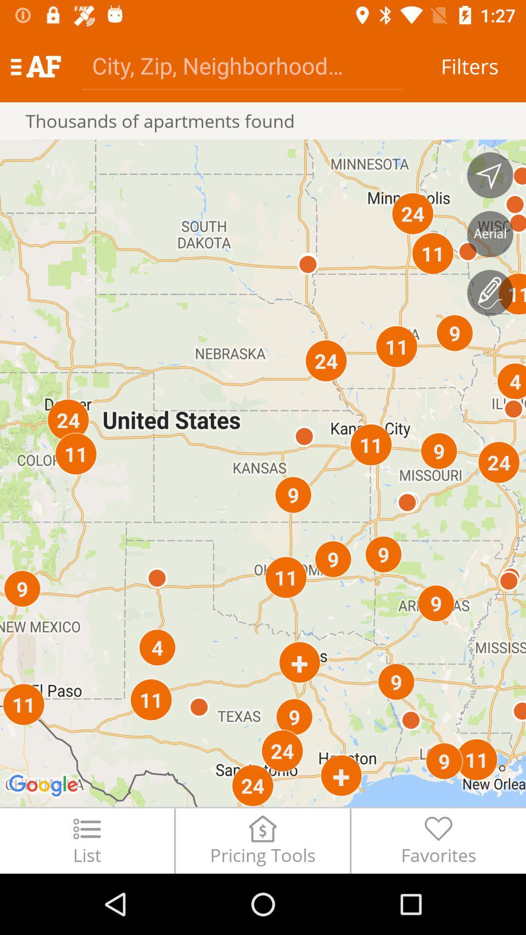 This screenshot has height=935, width=526. What do you see at coordinates (86, 840) in the screenshot?
I see `the list icon` at bounding box center [86, 840].